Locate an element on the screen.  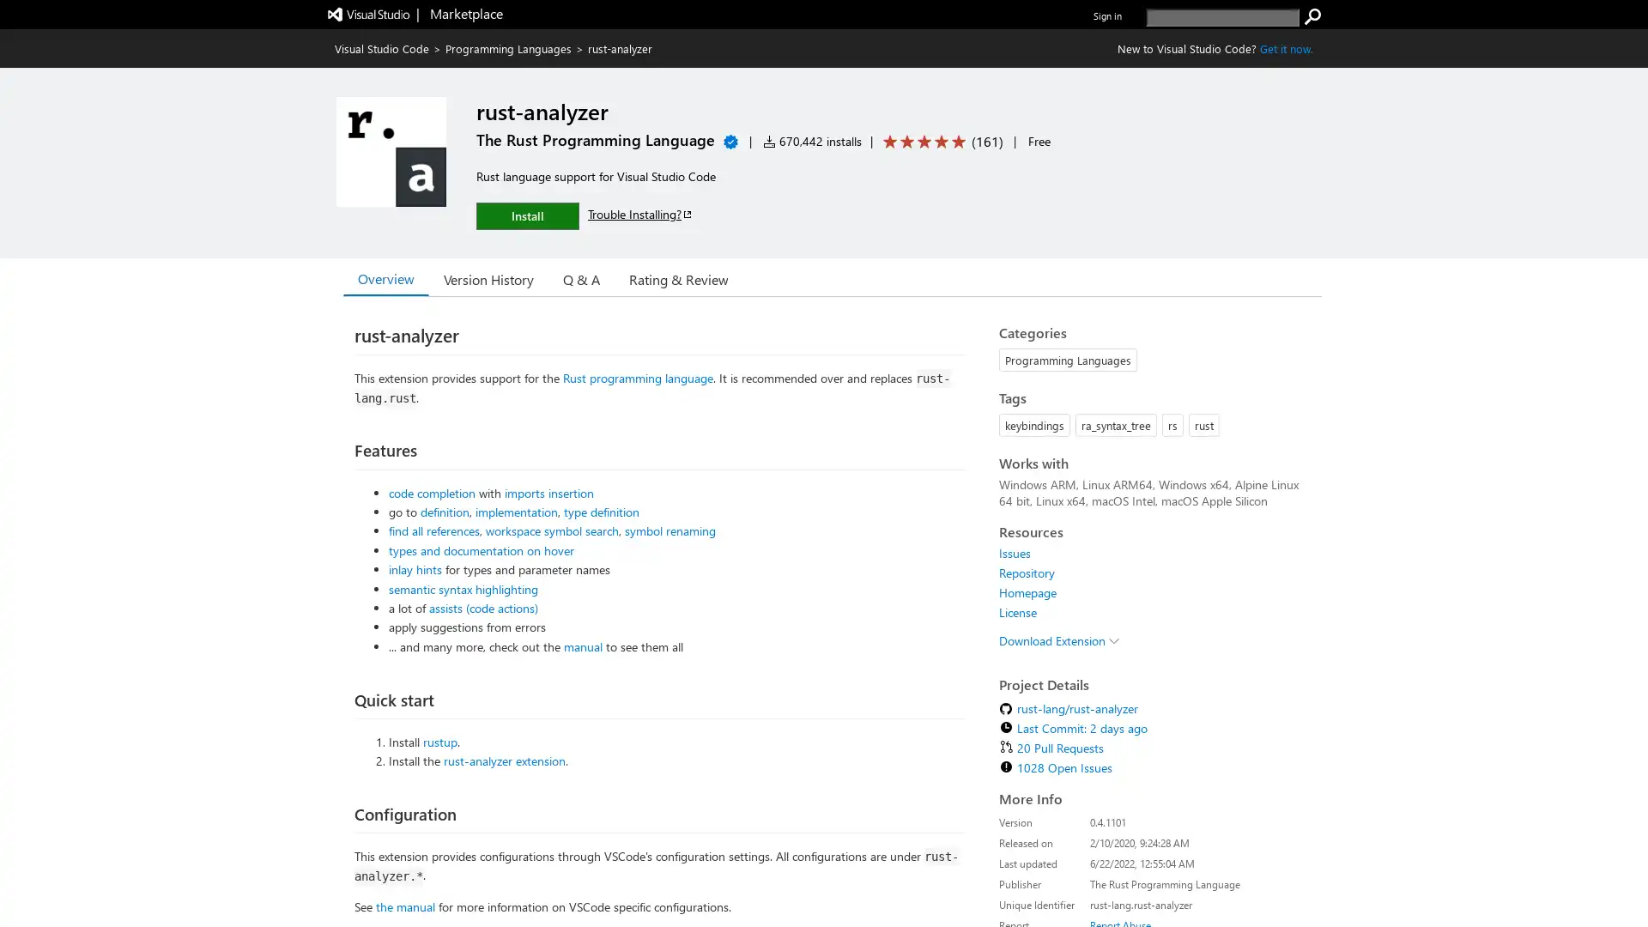
search is located at coordinates (1312, 16).